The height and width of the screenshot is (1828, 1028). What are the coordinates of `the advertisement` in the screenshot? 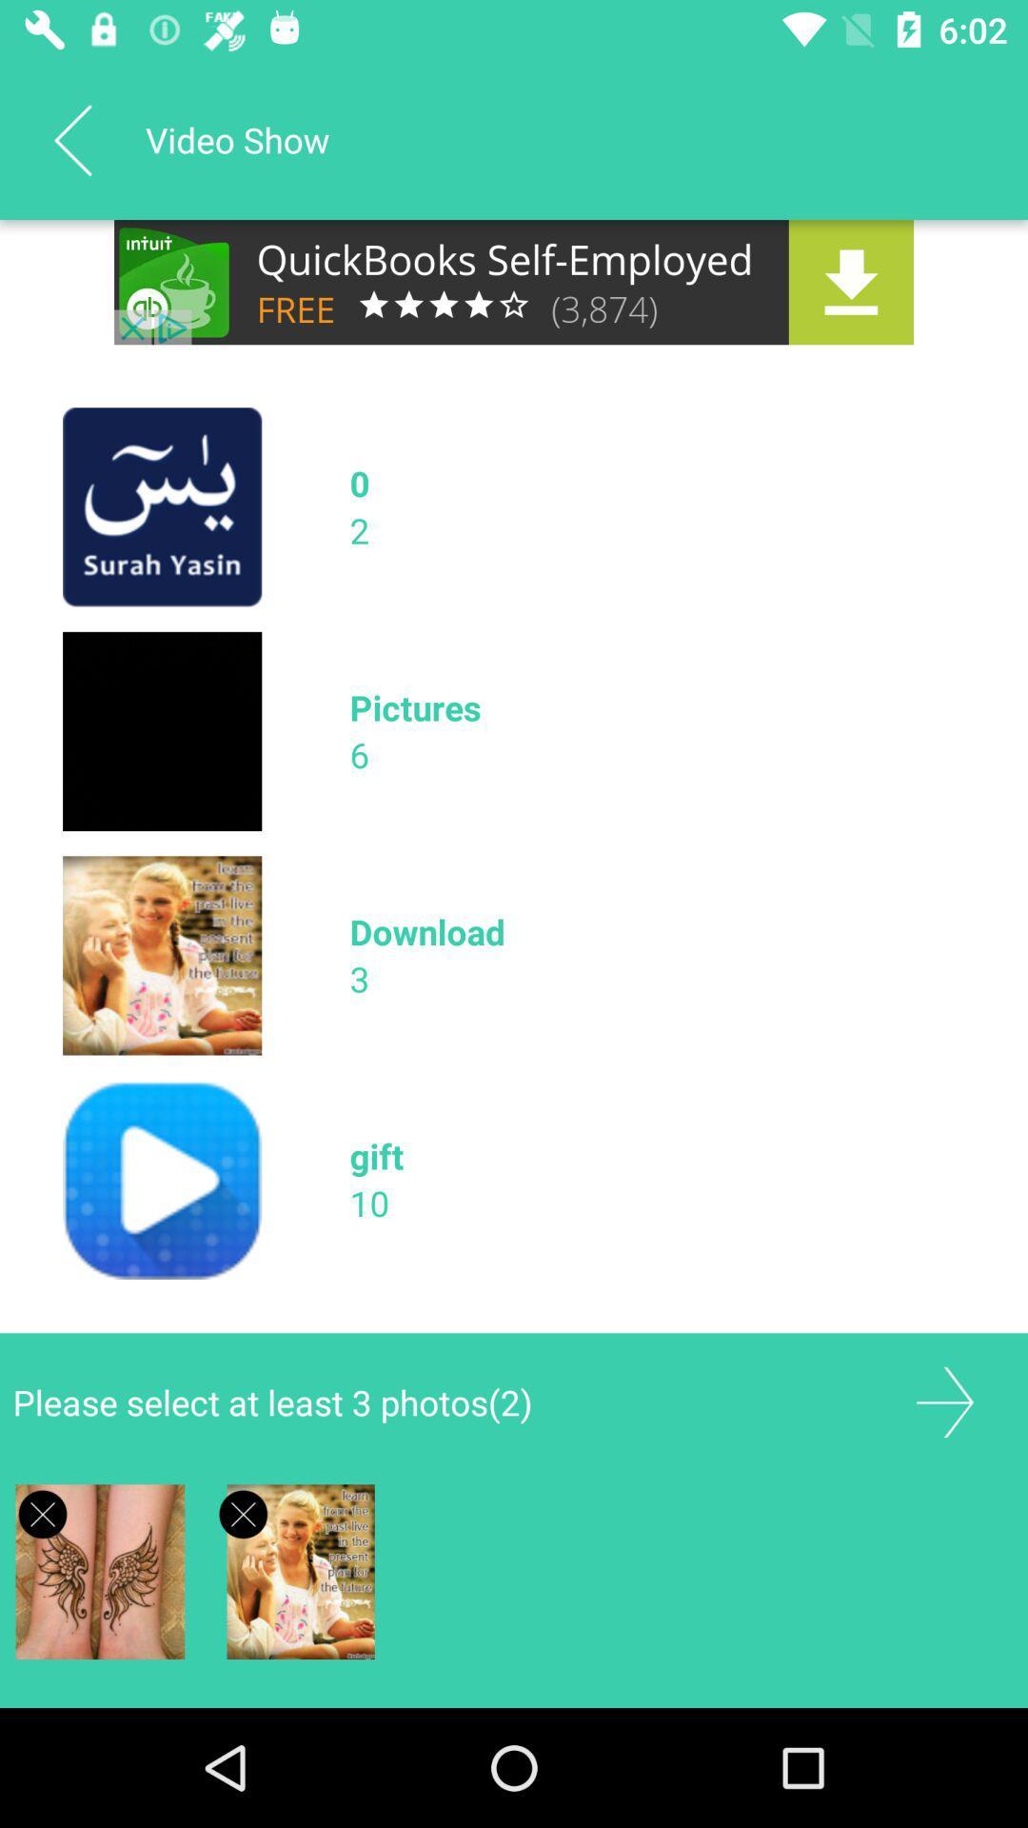 It's located at (43, 1513).